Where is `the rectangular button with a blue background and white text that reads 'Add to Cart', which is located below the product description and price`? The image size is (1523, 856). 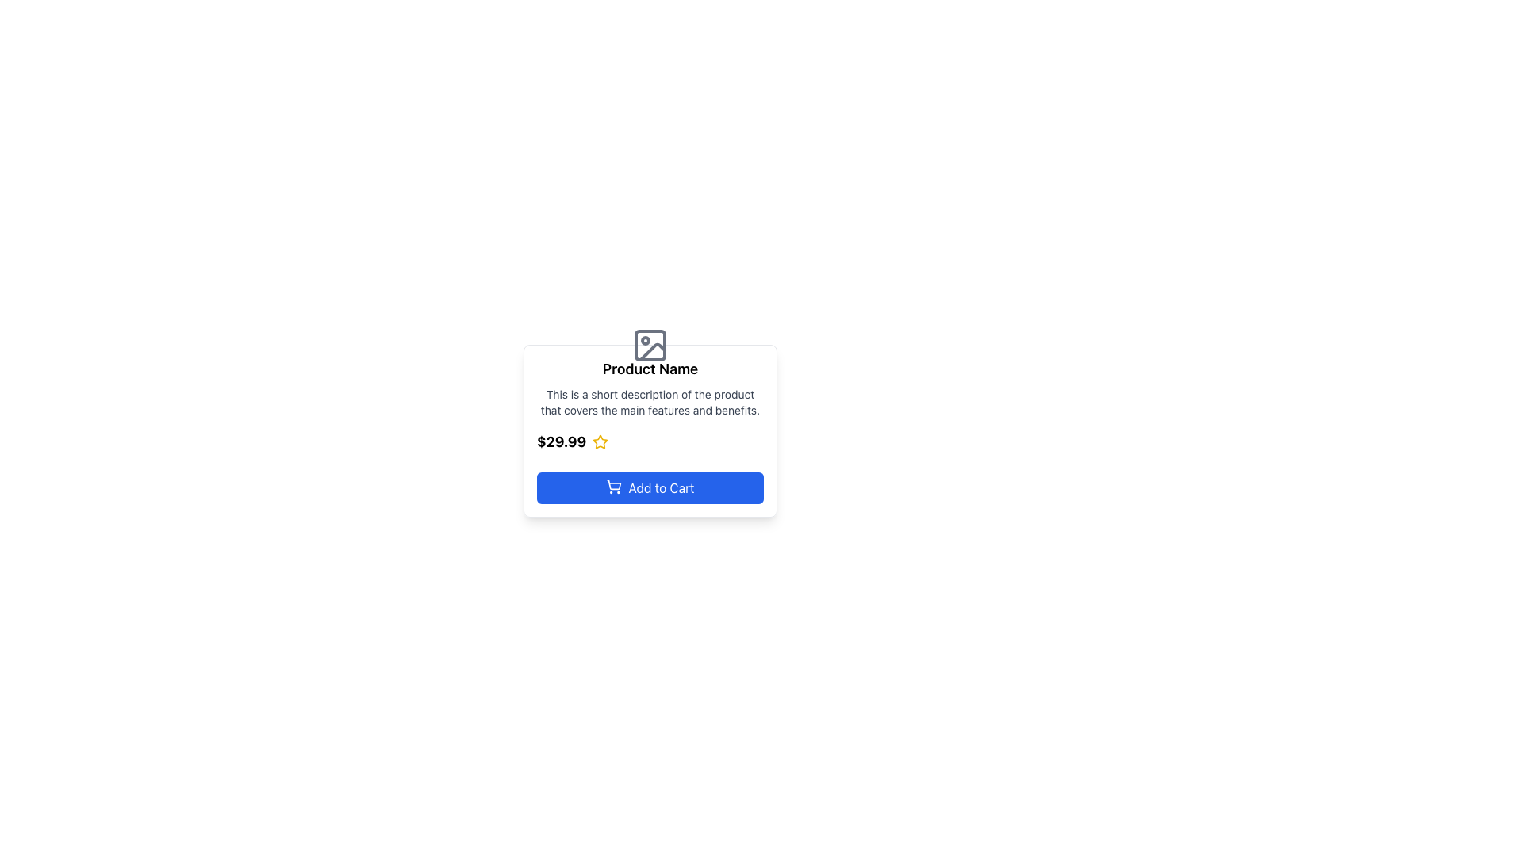 the rectangular button with a blue background and white text that reads 'Add to Cart', which is located below the product description and price is located at coordinates (650, 487).